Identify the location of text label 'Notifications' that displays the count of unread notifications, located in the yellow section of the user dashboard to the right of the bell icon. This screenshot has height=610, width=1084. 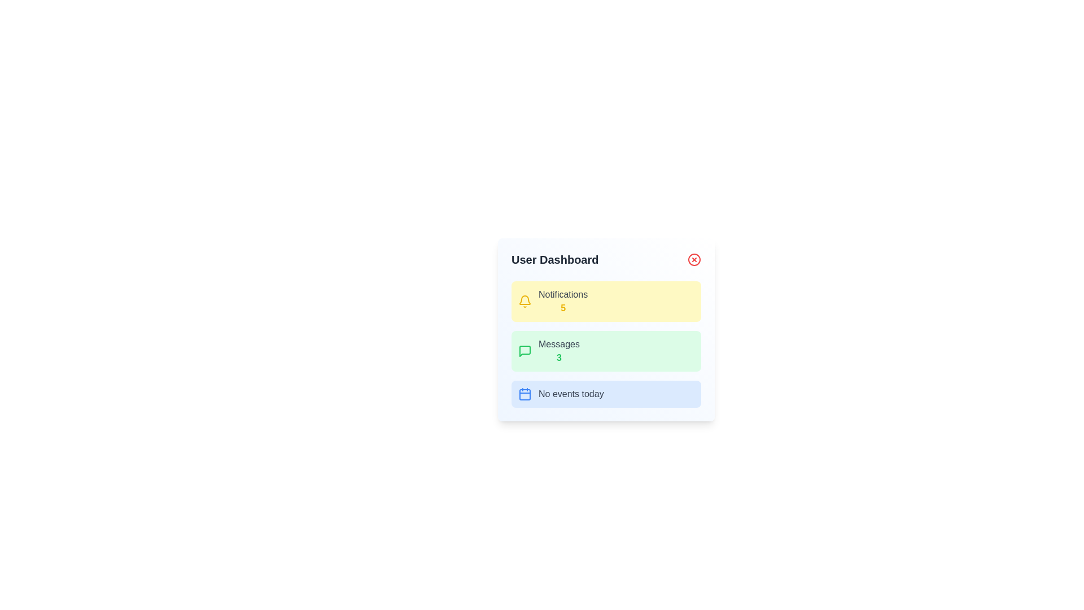
(563, 300).